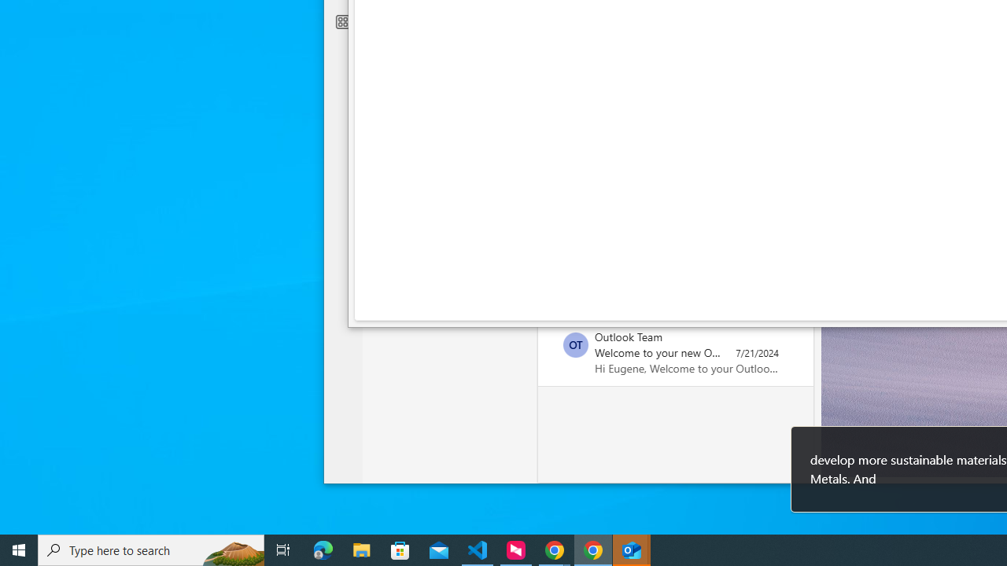  I want to click on 'Google Chrome - 3 running windows', so click(555, 549).